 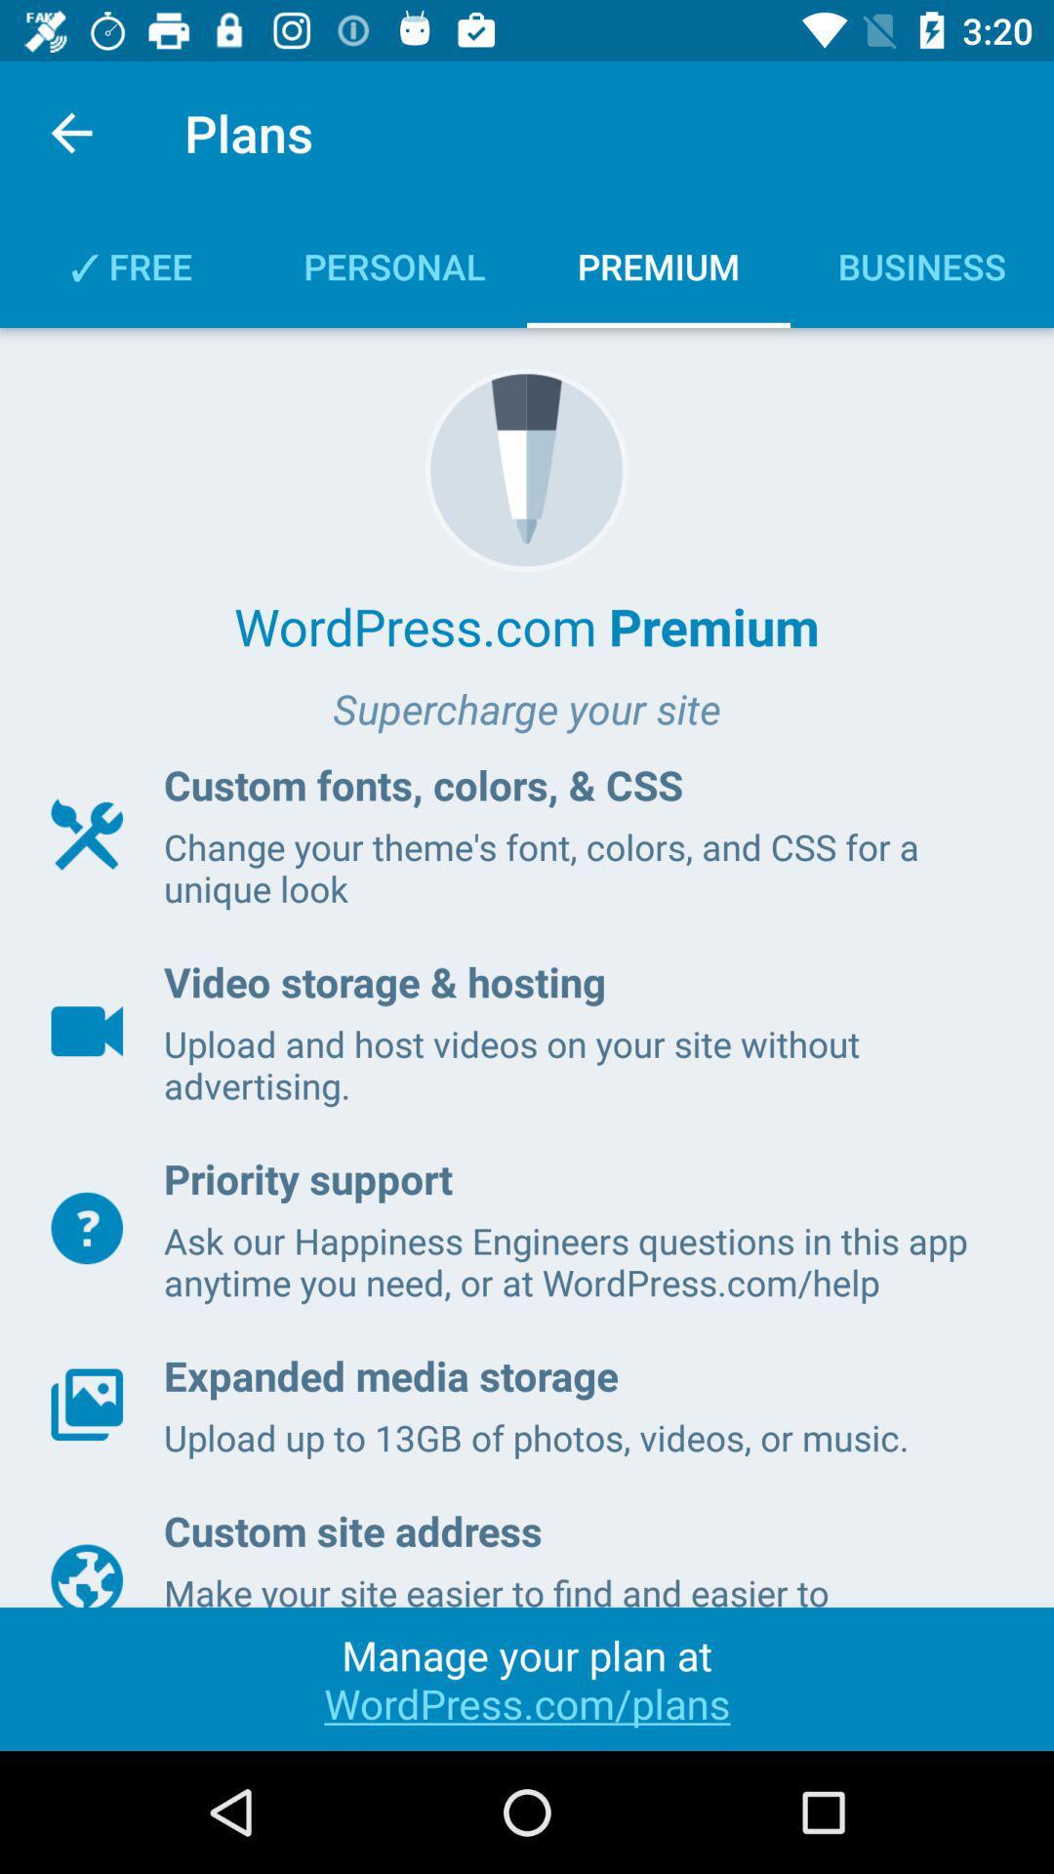 What do you see at coordinates (86, 1227) in the screenshot?
I see `the  button` at bounding box center [86, 1227].